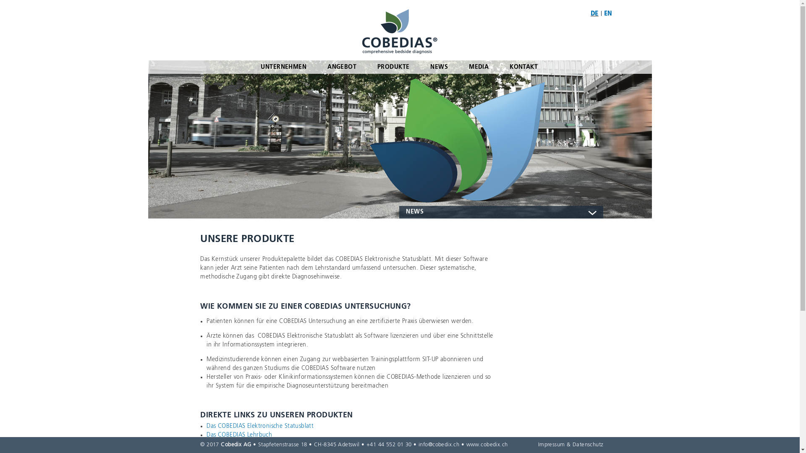 Image resolution: width=806 pixels, height=453 pixels. Describe the element at coordinates (438, 444) in the screenshot. I see `'info@cobedix.ch'` at that location.